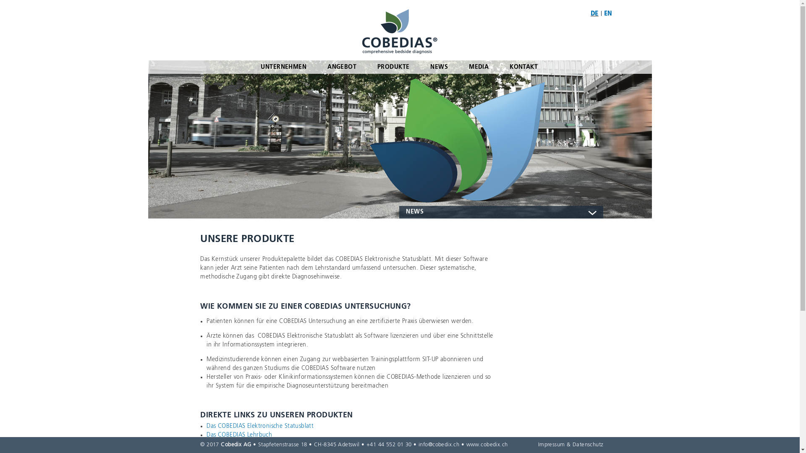 Image resolution: width=806 pixels, height=453 pixels. Describe the element at coordinates (438, 444) in the screenshot. I see `'info@cobedix.ch'` at that location.